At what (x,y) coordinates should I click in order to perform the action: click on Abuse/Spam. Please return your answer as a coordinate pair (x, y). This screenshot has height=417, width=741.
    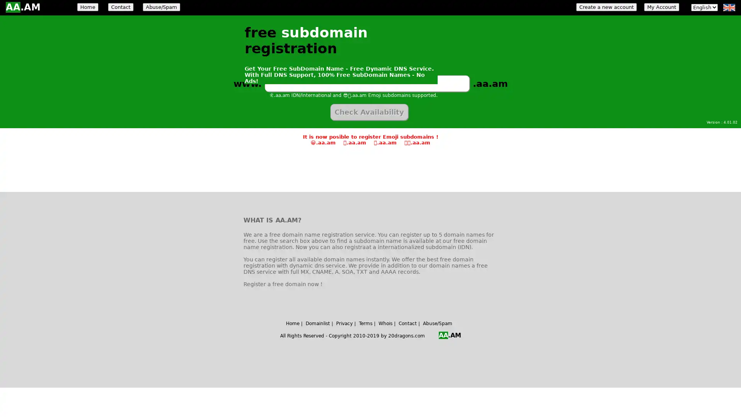
    Looking at the image, I should click on (161, 7).